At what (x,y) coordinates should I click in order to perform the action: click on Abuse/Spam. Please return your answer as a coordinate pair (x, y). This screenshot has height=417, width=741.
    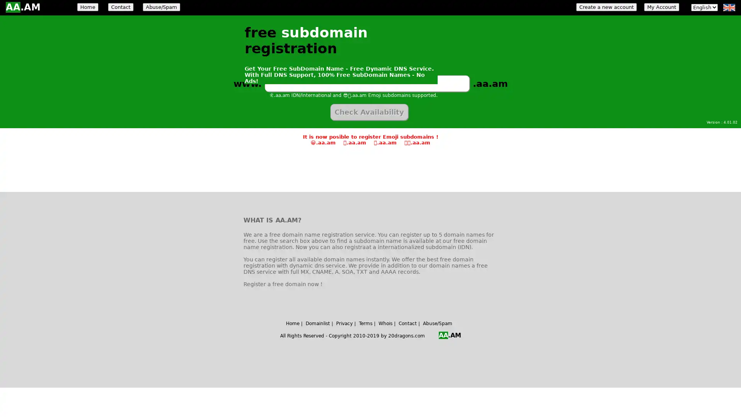
    Looking at the image, I should click on (161, 7).